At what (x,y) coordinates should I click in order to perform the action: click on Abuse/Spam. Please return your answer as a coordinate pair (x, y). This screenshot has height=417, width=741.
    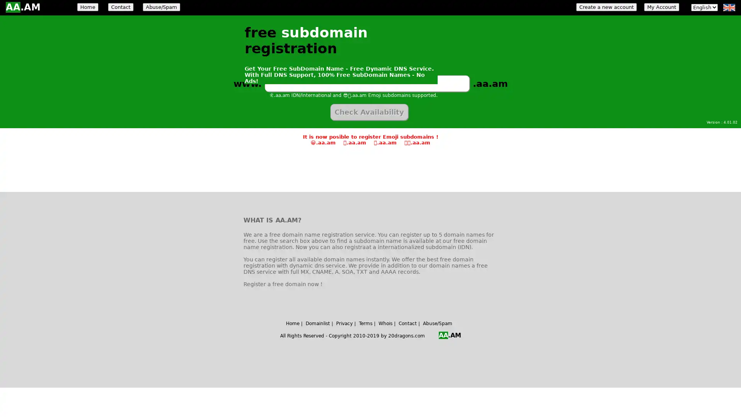
    Looking at the image, I should click on (161, 7).